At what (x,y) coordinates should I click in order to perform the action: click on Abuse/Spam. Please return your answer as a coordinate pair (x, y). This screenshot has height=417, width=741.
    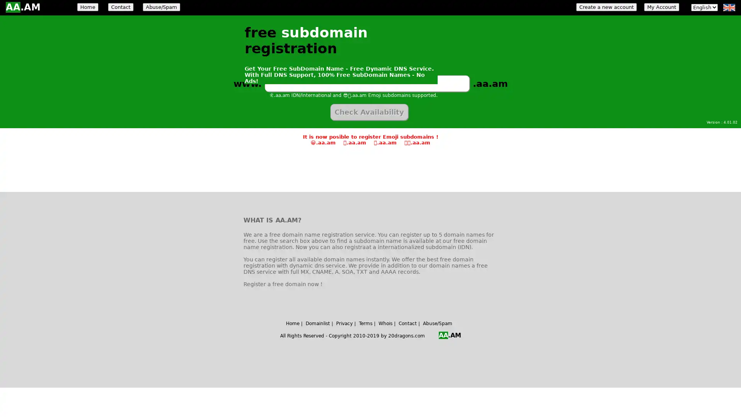
    Looking at the image, I should click on (161, 7).